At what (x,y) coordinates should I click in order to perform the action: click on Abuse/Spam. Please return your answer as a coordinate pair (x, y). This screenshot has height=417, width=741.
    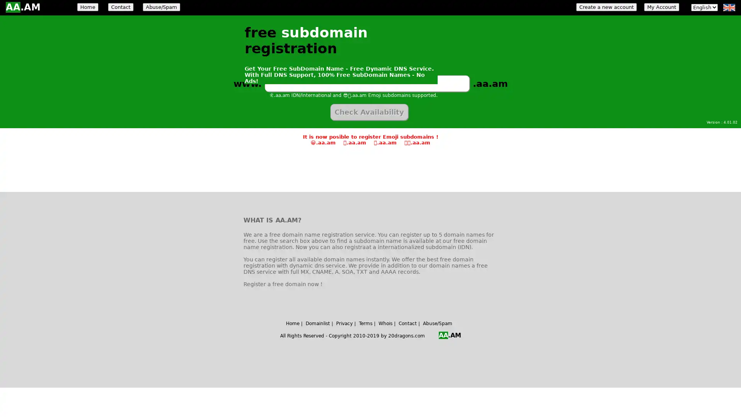
    Looking at the image, I should click on (161, 7).